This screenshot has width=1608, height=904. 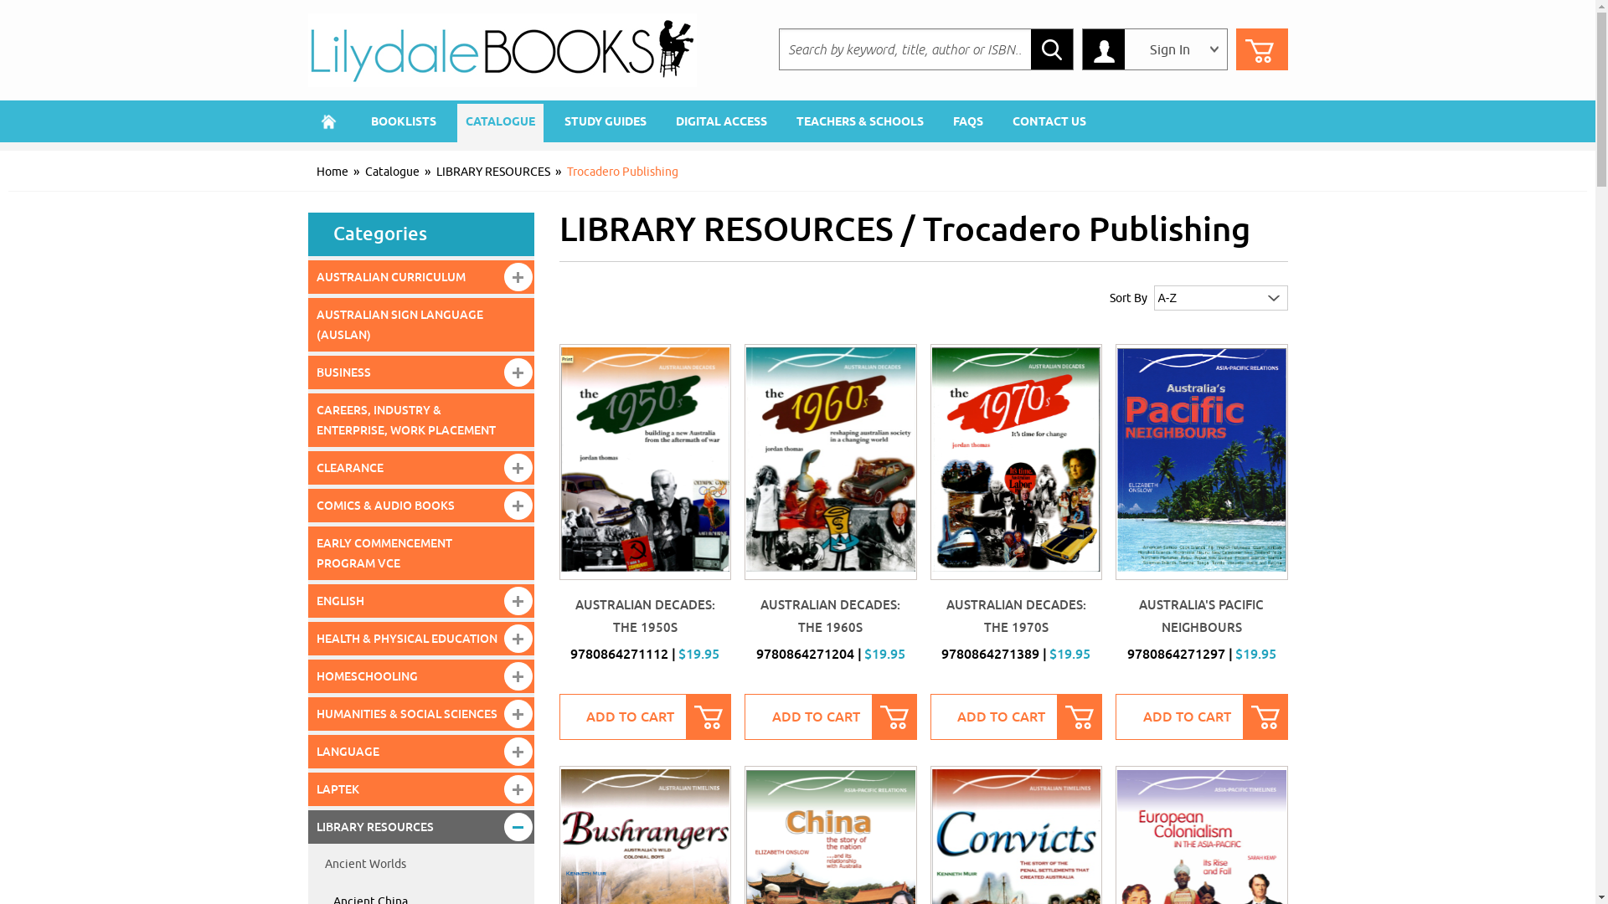 I want to click on 'CATALOGUE', so click(x=457, y=121).